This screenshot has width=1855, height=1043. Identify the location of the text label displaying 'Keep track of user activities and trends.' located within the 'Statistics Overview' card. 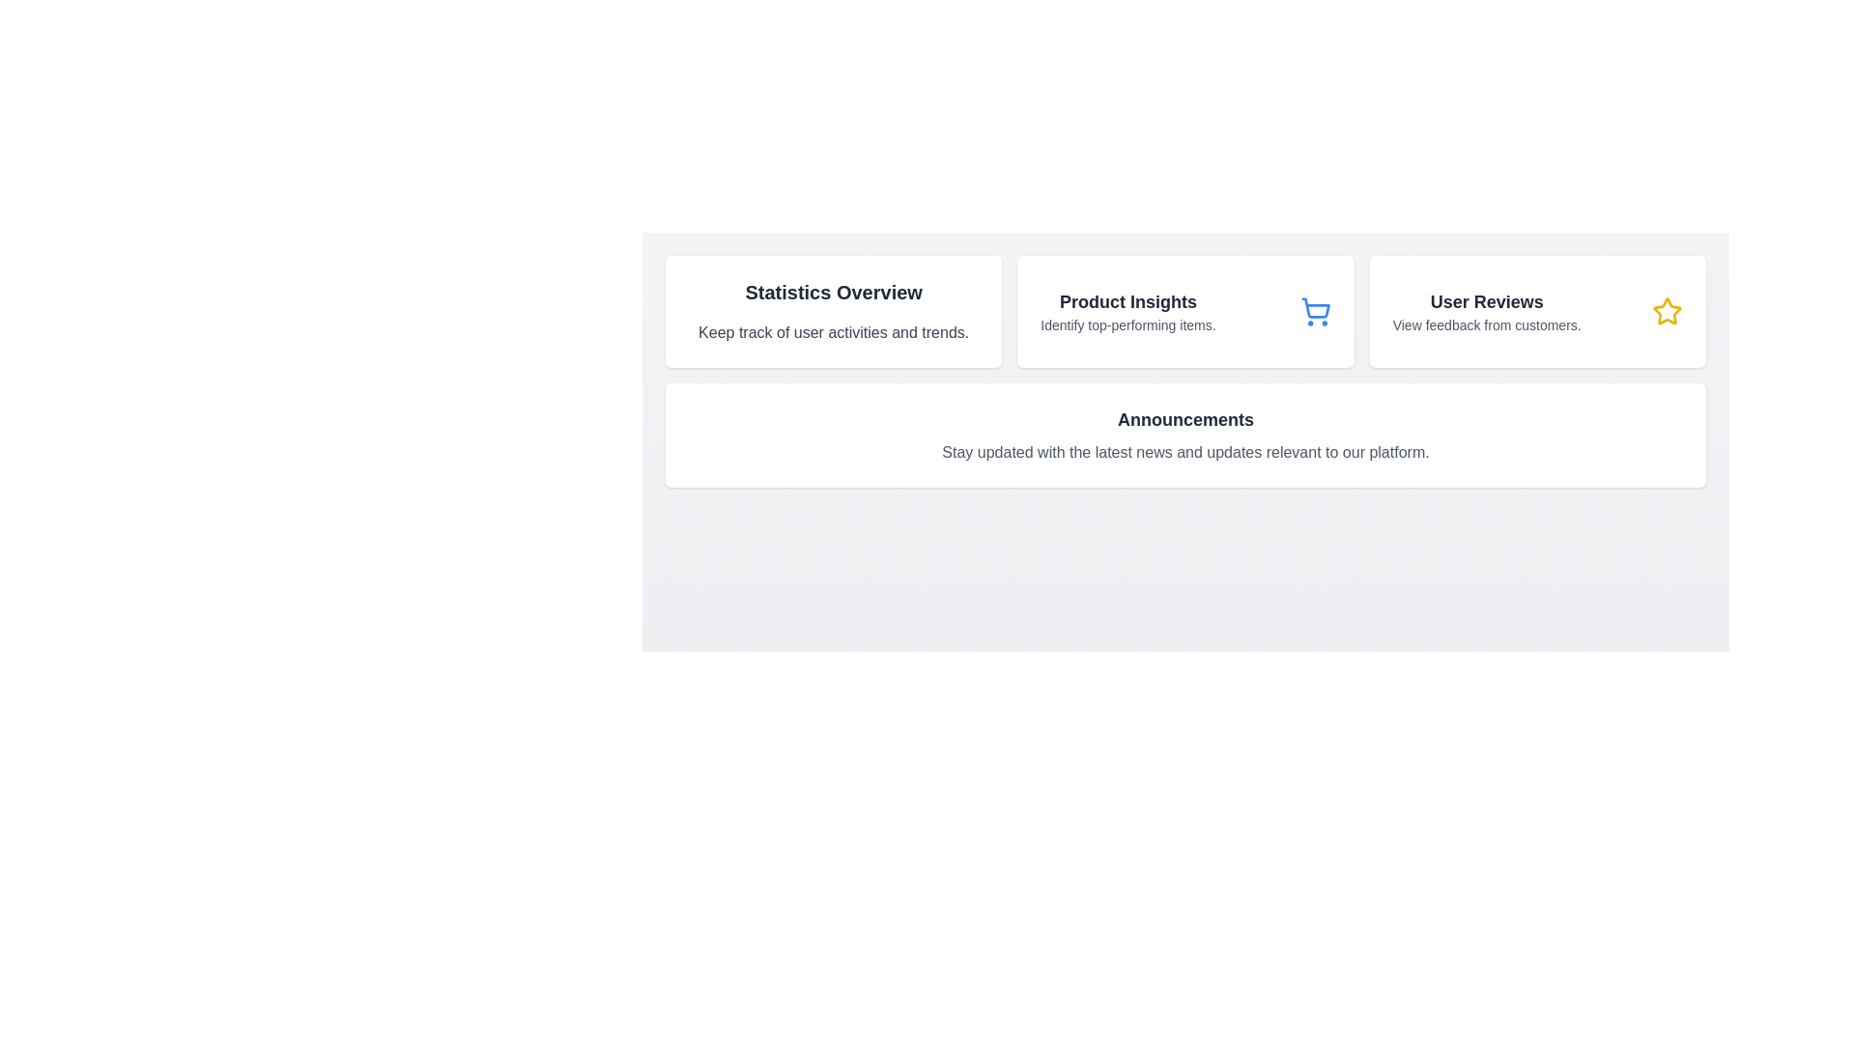
(834, 331).